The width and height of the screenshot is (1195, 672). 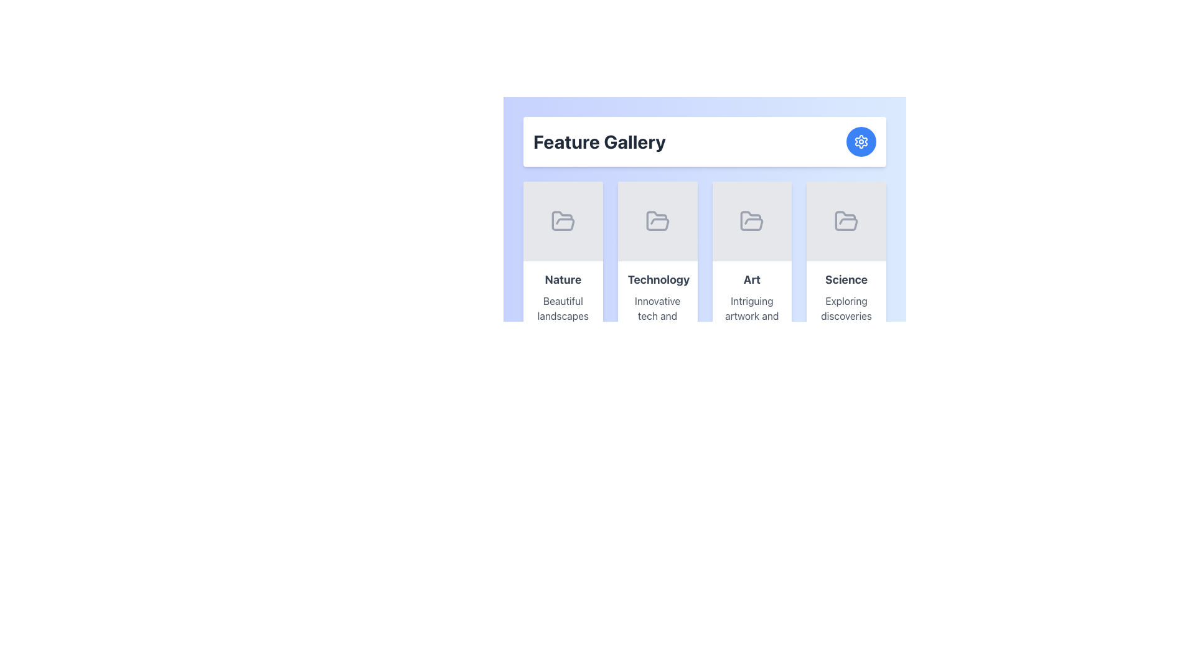 What do you see at coordinates (860, 141) in the screenshot?
I see `the circular gear icon with a blue background located in the top-right corner of the 'Feature Gallery' header` at bounding box center [860, 141].